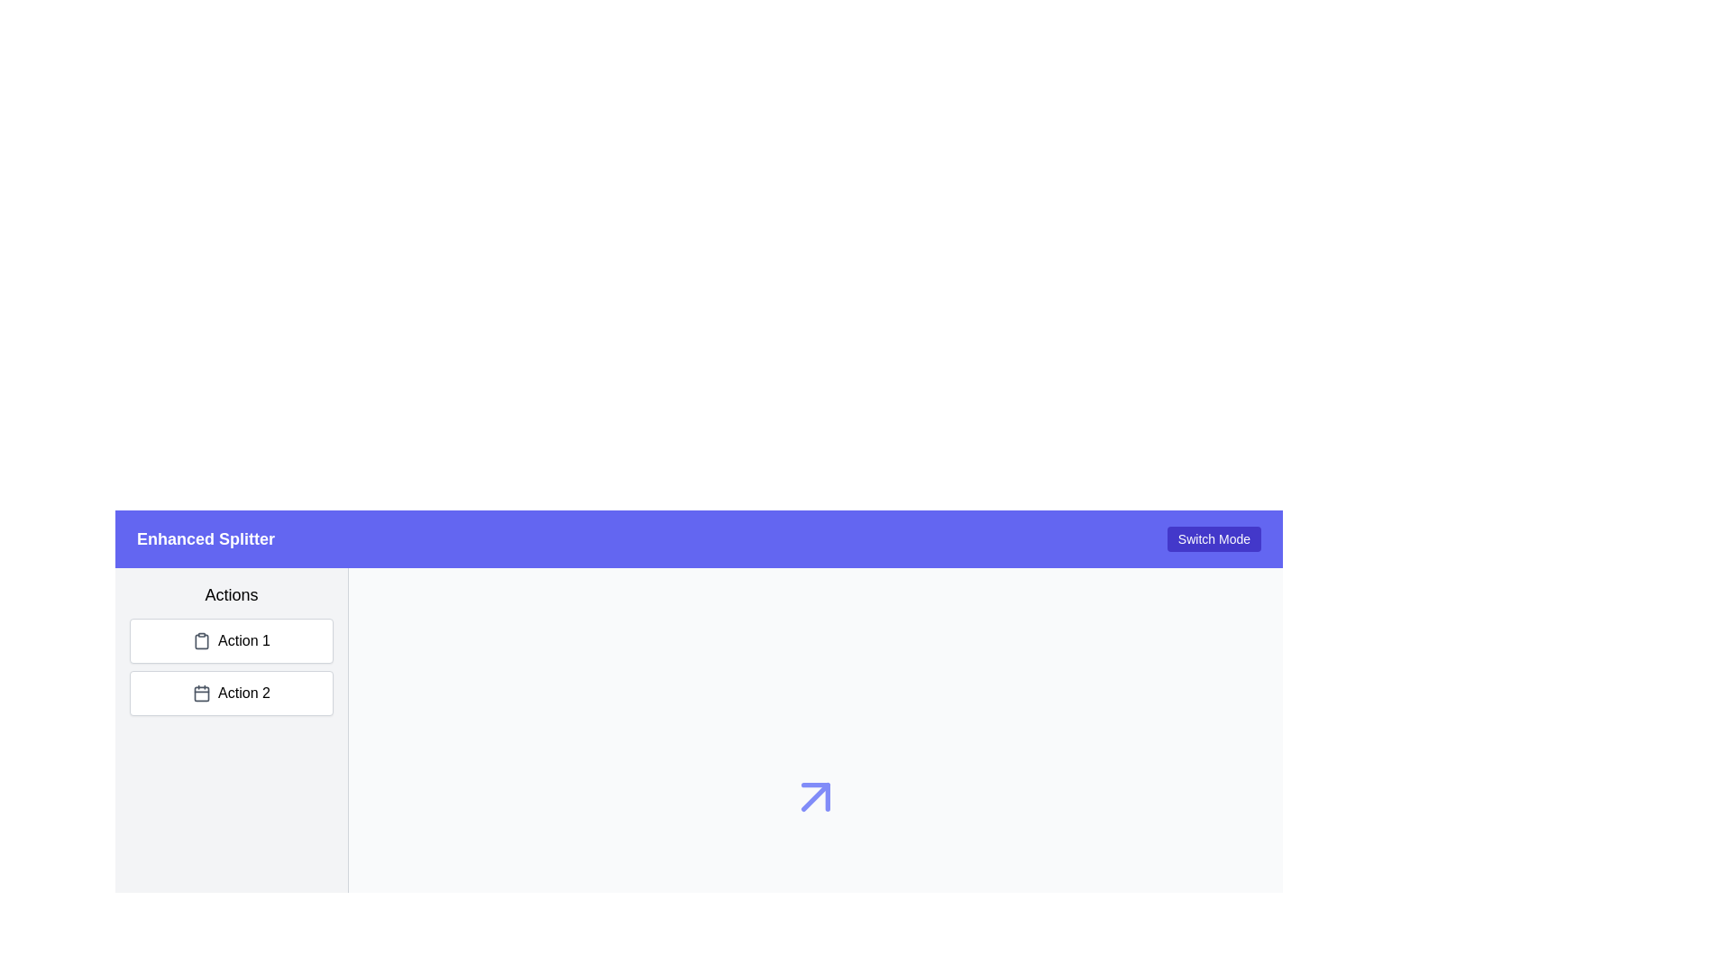 The image size is (1731, 974). Describe the element at coordinates (231, 692) in the screenshot. I see `the 'Action 2' button, which is a rectangular button with a white background and a calendar icon, located in the sidebar under the 'Actions' section` at that location.